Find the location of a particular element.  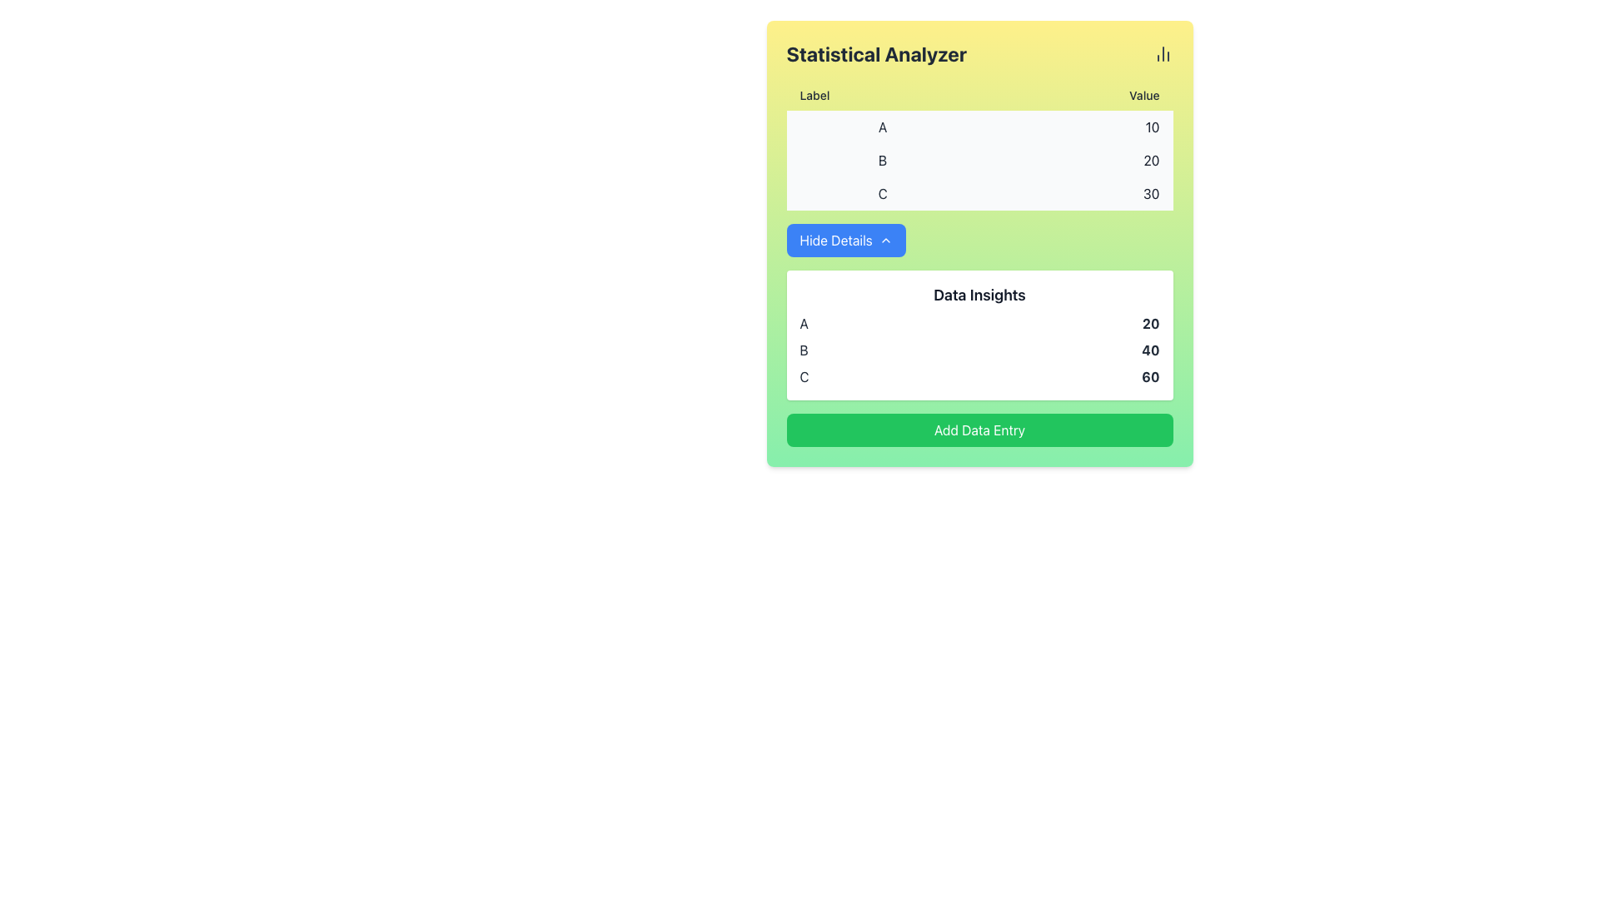

the button located below the table displaying labels and values, which toggles the visibility of detailed information in the interface, to hide currently visible detailed sections is located at coordinates (846, 241).